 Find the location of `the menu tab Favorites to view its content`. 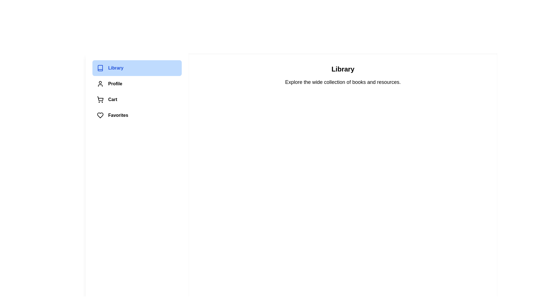

the menu tab Favorites to view its content is located at coordinates (137, 115).